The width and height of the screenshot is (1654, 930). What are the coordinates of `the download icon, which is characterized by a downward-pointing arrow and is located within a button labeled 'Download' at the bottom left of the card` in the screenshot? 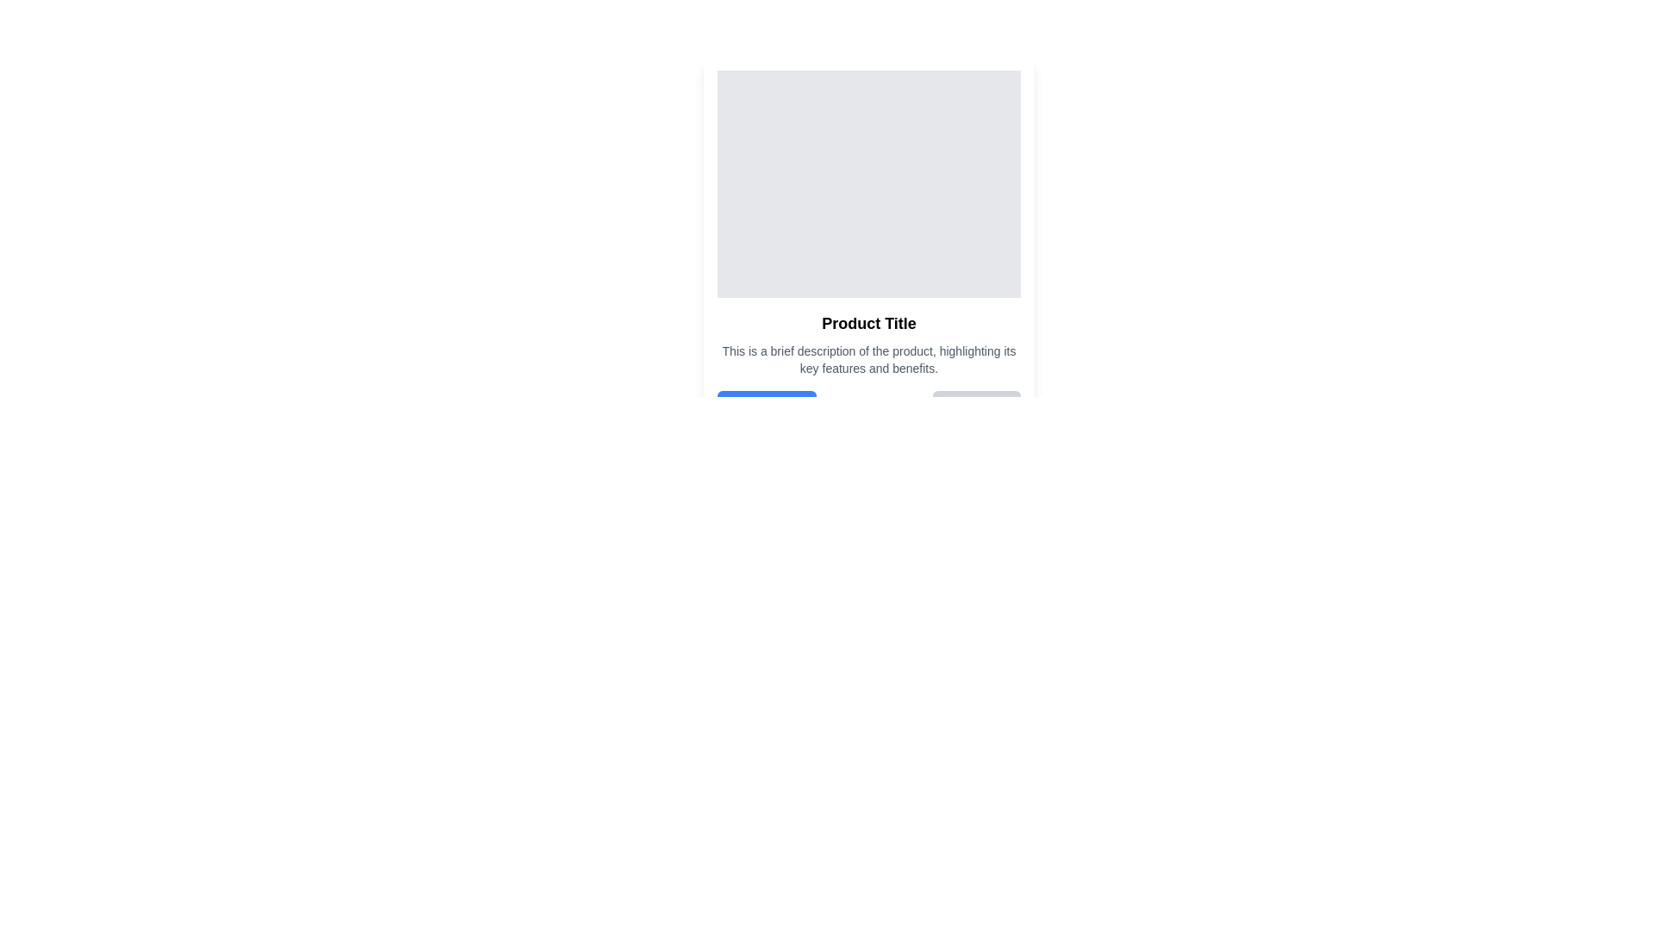 It's located at (735, 406).